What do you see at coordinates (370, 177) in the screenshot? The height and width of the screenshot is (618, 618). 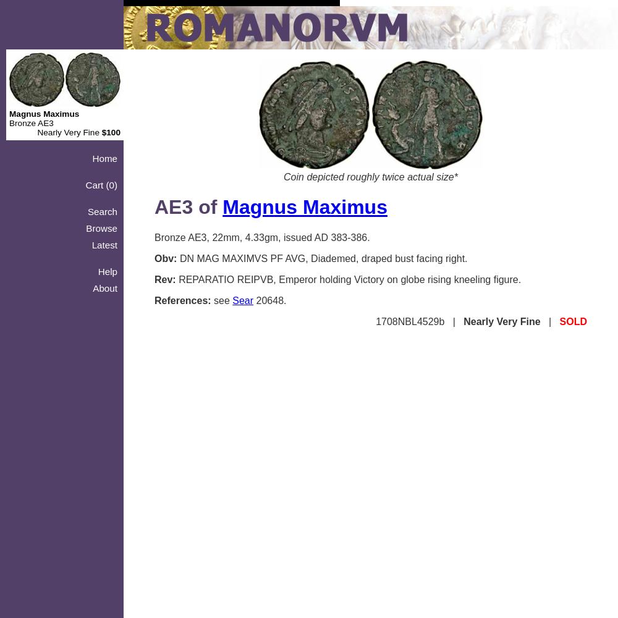 I see `'Coin depicted roughly twice actual size*'` at bounding box center [370, 177].